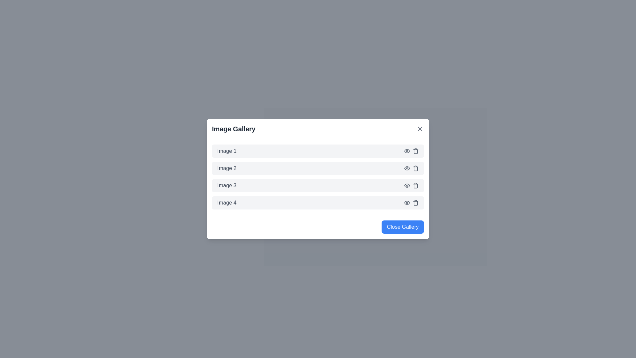 The image size is (636, 358). I want to click on the delete button for 'Image 3', so click(415, 185).